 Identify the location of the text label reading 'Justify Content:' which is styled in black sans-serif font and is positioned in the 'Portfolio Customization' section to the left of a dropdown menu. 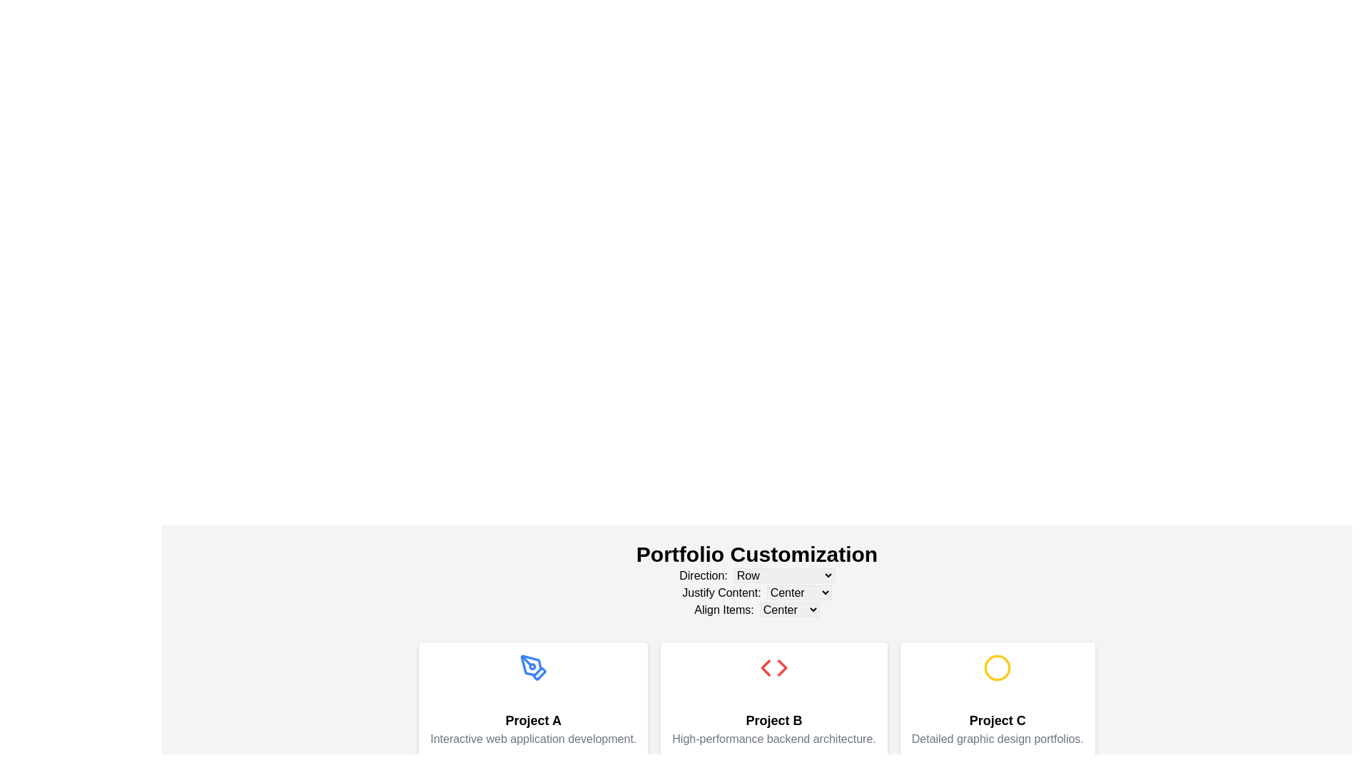
(721, 592).